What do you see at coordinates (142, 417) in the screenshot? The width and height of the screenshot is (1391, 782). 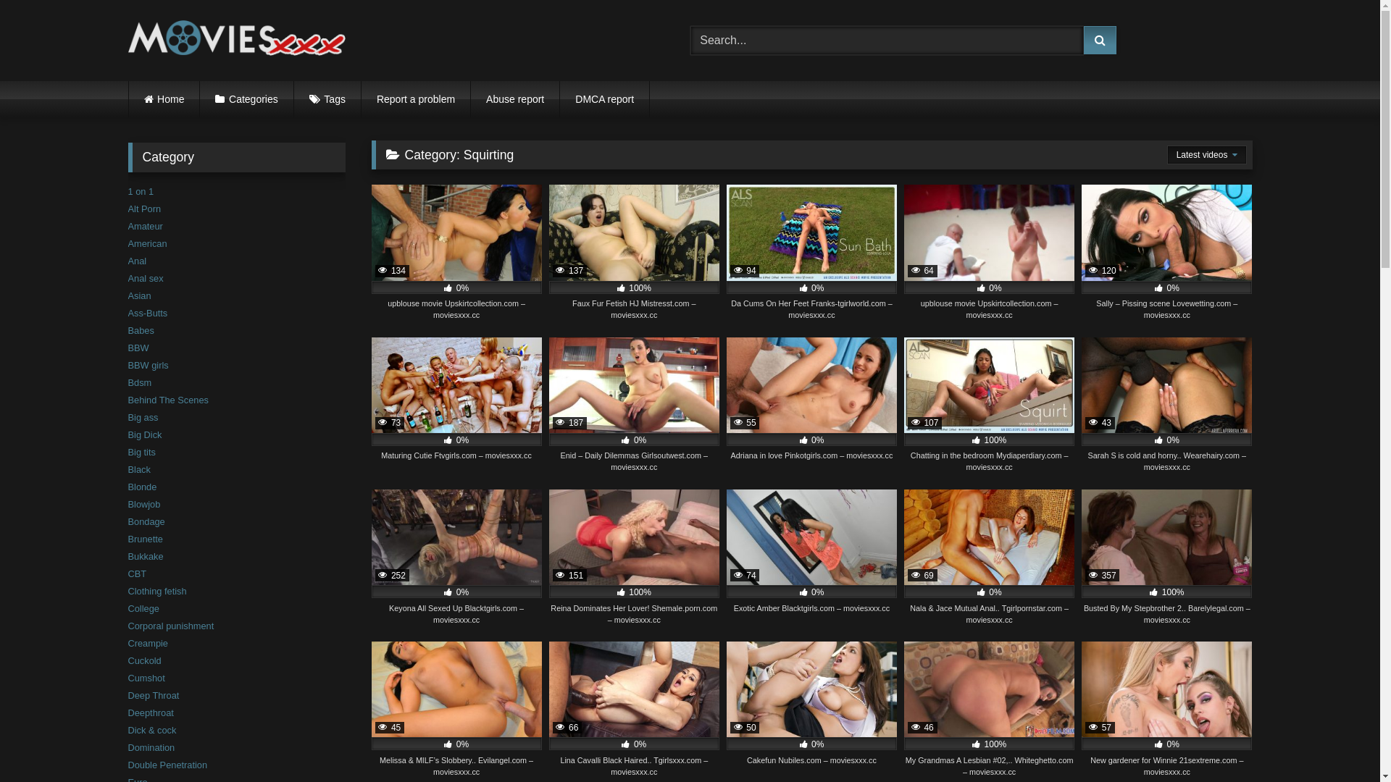 I see `'Big ass'` at bounding box center [142, 417].